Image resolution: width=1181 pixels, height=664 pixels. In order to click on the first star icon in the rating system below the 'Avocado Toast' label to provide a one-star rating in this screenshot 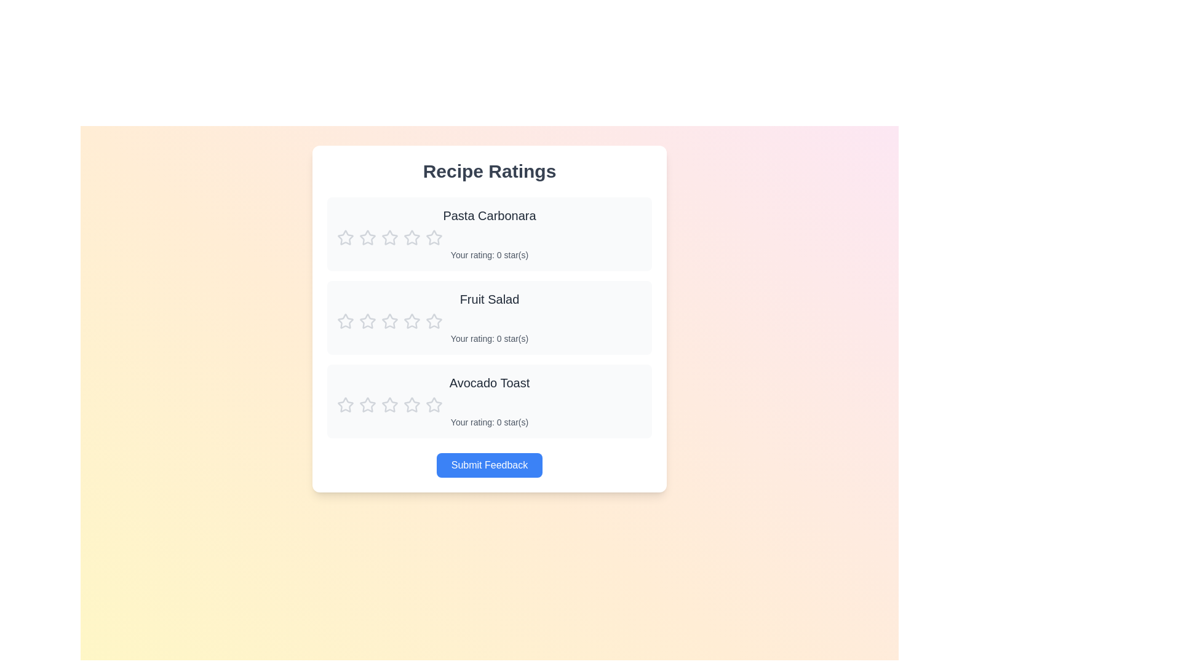, I will do `click(389, 405)`.